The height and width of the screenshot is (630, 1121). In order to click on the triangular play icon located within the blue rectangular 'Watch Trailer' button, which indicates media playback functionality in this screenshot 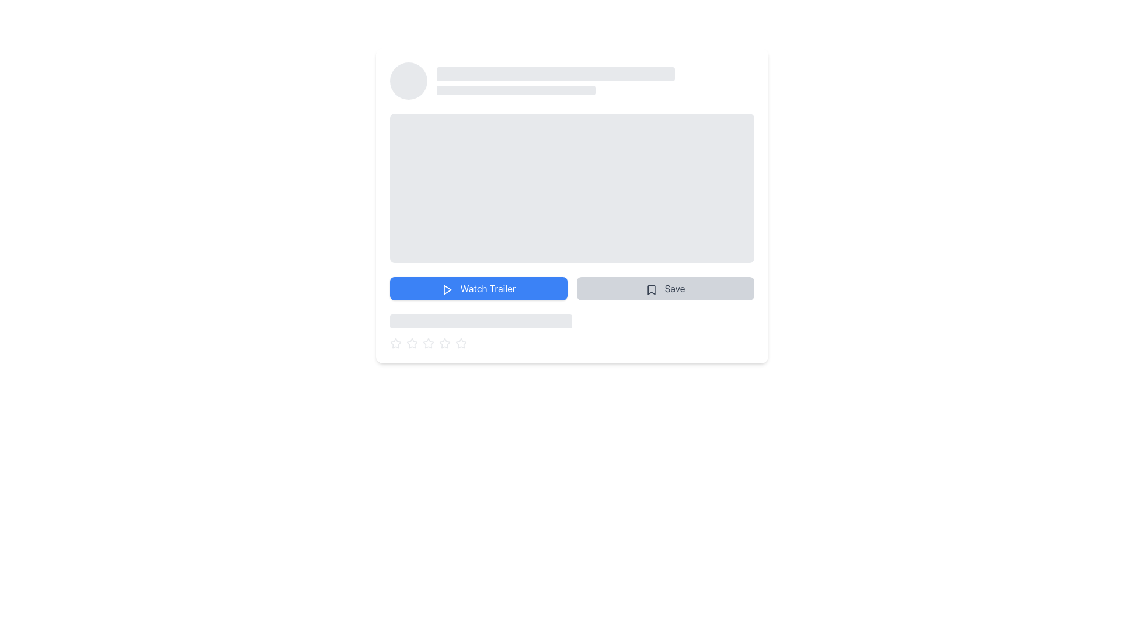, I will do `click(447, 289)`.